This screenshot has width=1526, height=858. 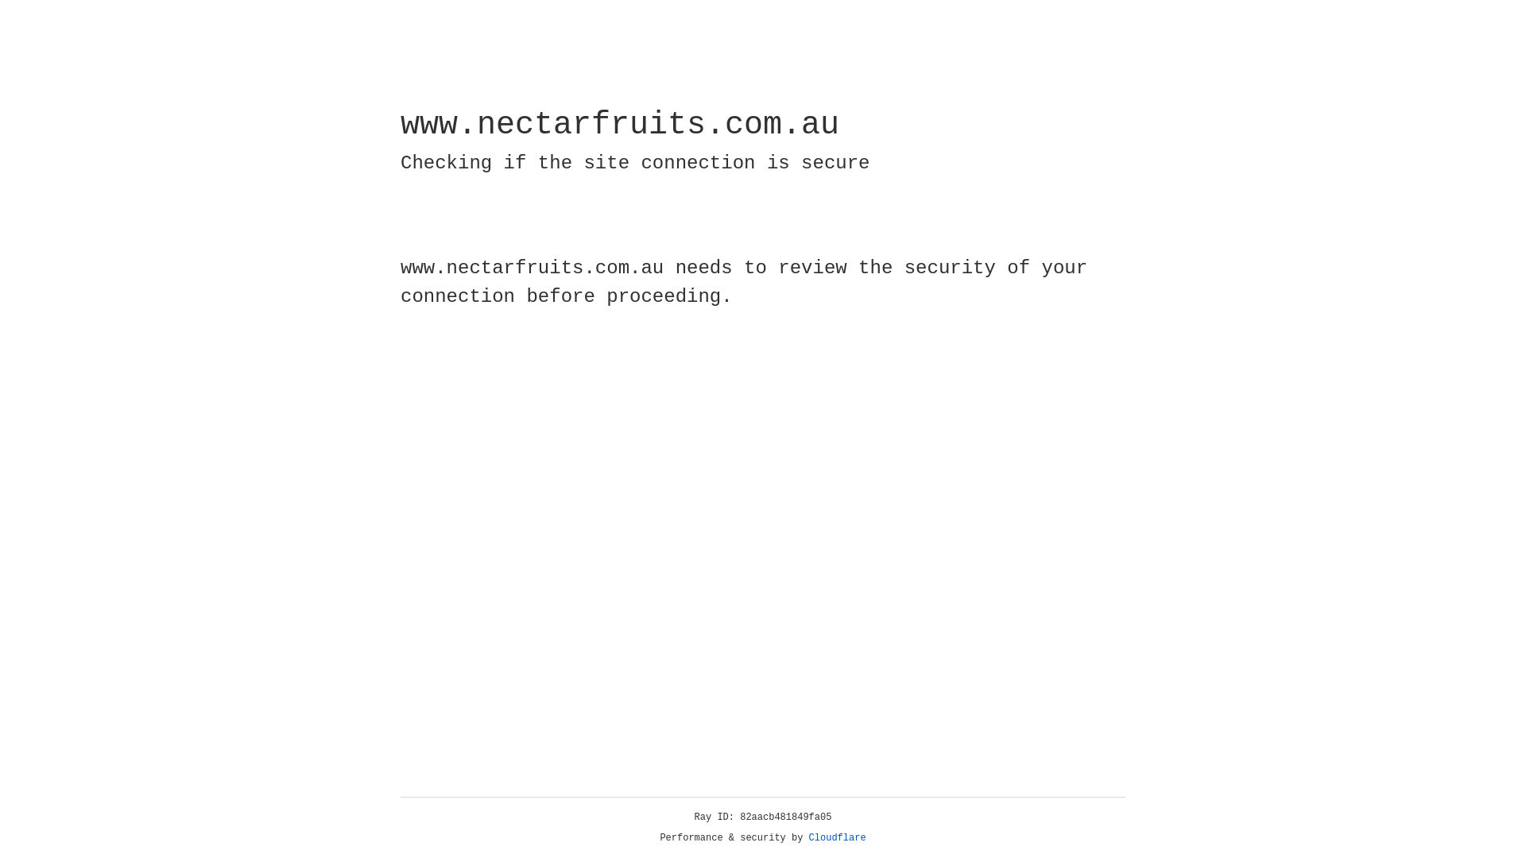 What do you see at coordinates (837, 837) in the screenshot?
I see `'Cloudflare'` at bounding box center [837, 837].